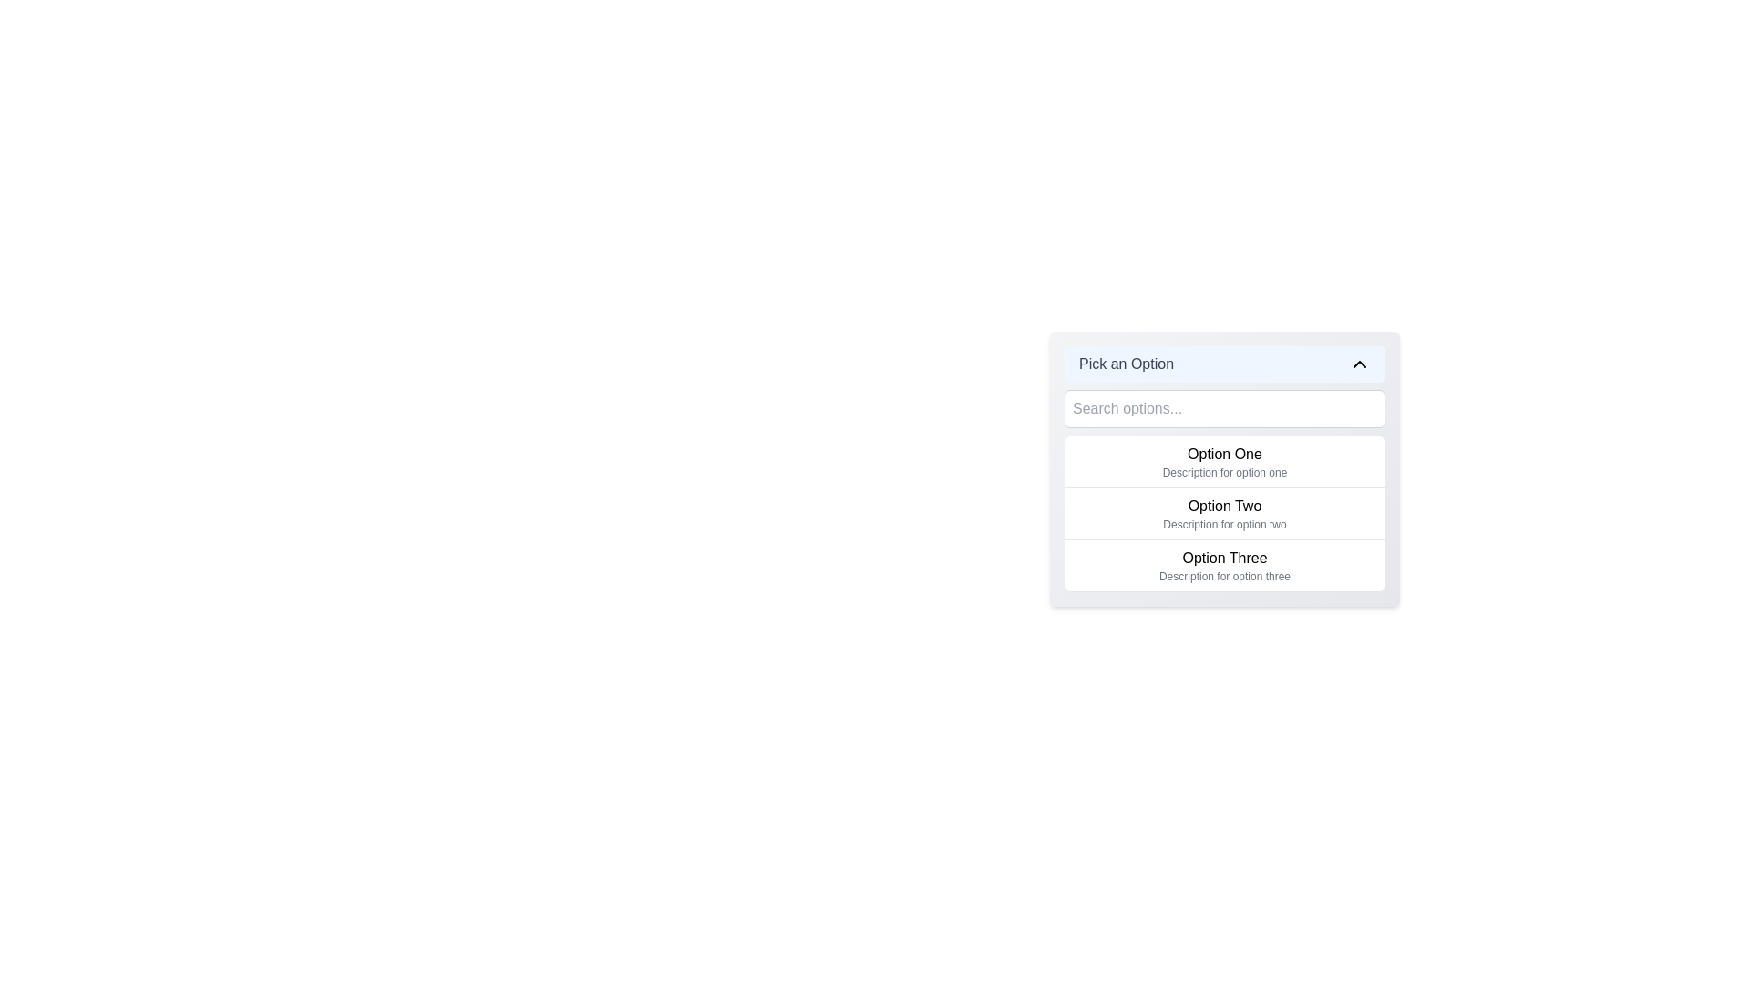 The height and width of the screenshot is (984, 1750). Describe the element at coordinates (1225, 564) in the screenshot. I see `the selectable list item labeled 'Option Three' which is the third option under the heading 'Pick an Option.'` at that location.